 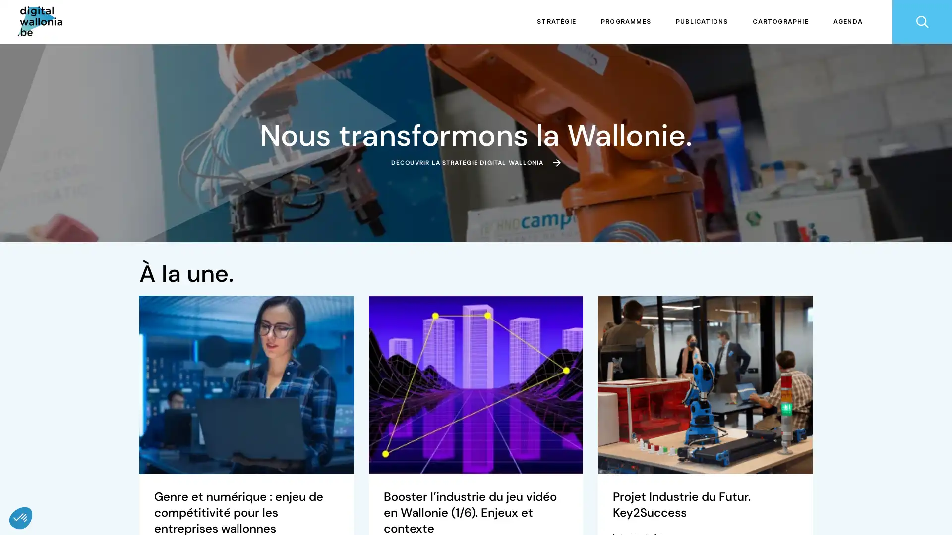 What do you see at coordinates (183, 484) in the screenshot?
I see `OK pour moi` at bounding box center [183, 484].